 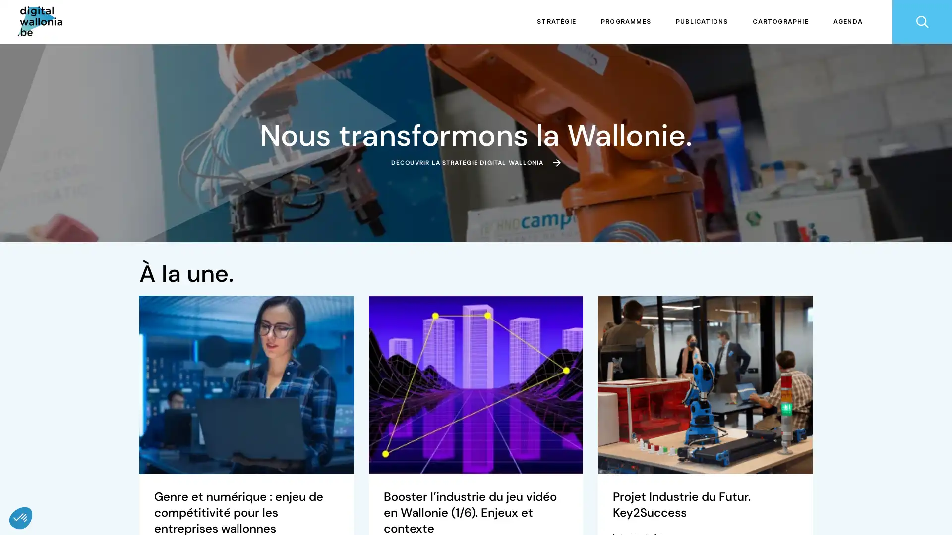 What do you see at coordinates (183, 484) in the screenshot?
I see `OK pour moi` at bounding box center [183, 484].